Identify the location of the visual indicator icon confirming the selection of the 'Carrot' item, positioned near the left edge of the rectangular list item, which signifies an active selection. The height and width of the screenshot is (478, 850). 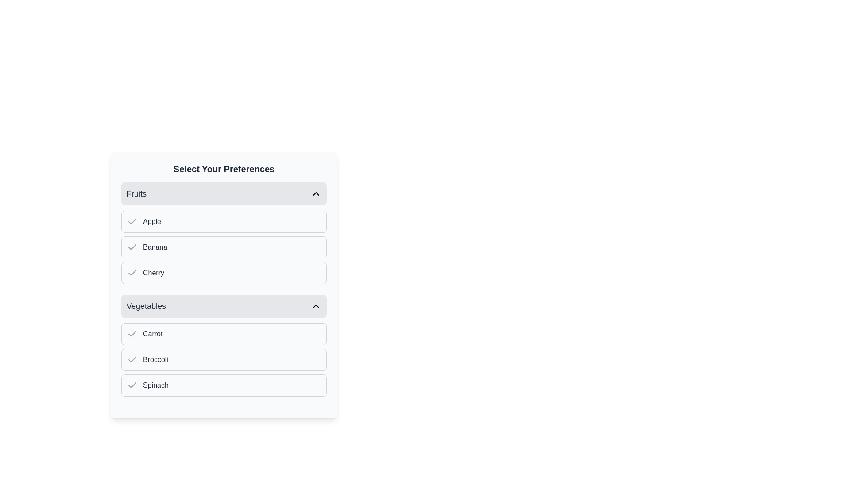
(131, 334).